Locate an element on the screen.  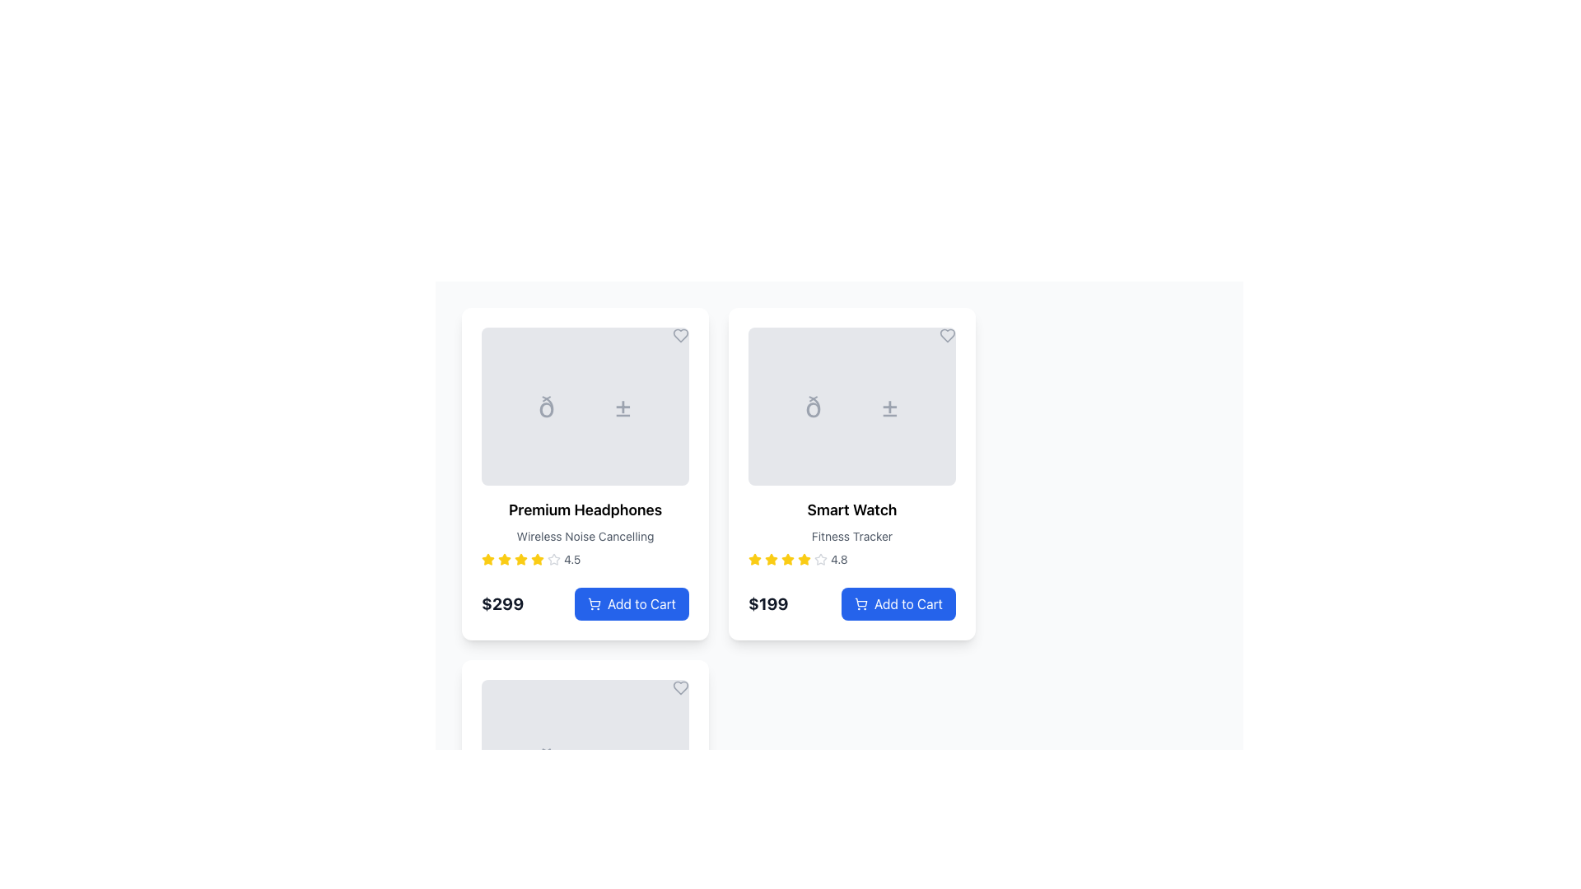
the 'Add to Cart' text within the button is located at coordinates (641, 603).